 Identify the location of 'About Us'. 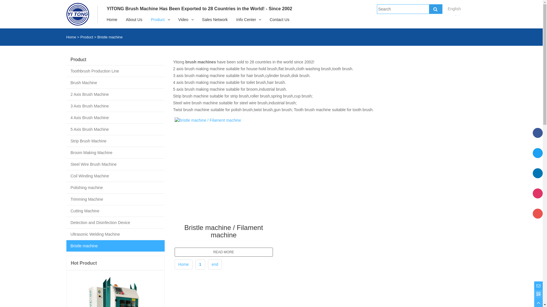
(121, 19).